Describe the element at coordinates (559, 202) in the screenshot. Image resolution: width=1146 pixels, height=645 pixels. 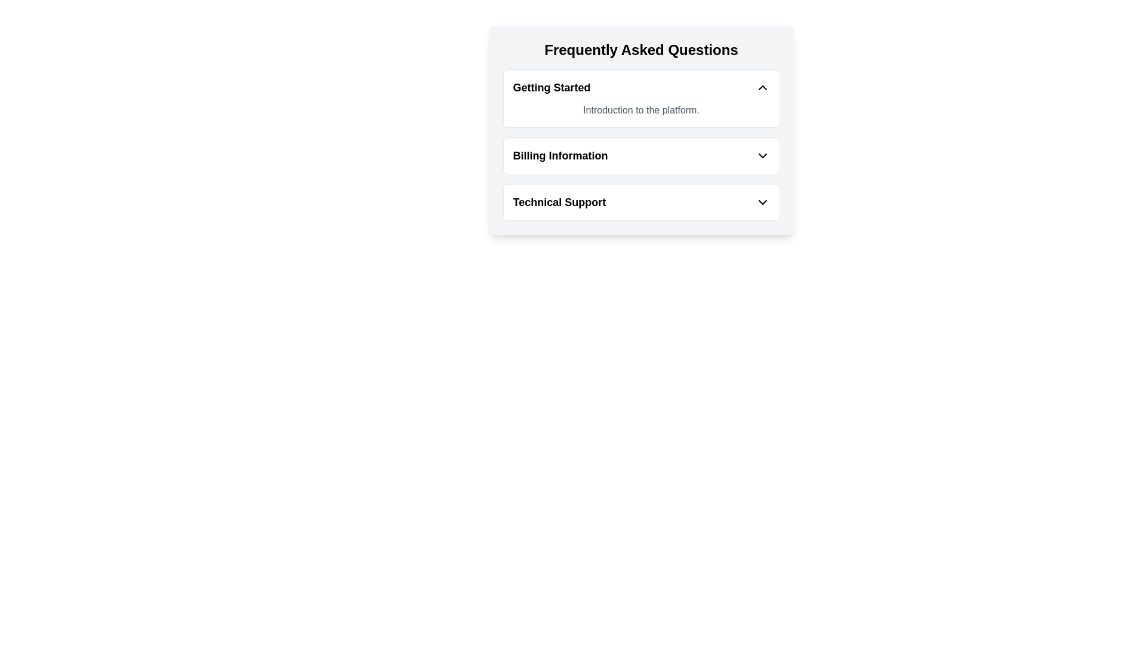
I see `the 'Technical Support' text label by moving the cursor to its center point for reading` at that location.